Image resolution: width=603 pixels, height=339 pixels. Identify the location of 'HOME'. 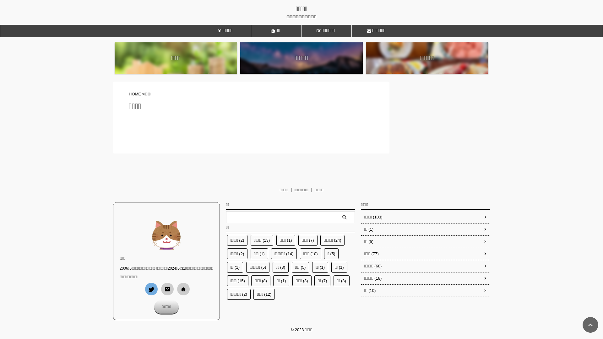
(134, 94).